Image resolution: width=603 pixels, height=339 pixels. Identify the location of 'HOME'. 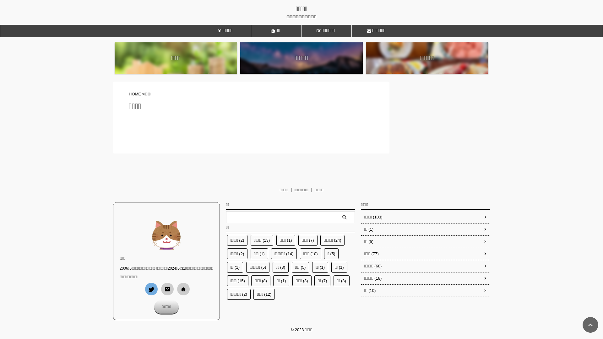
(134, 94).